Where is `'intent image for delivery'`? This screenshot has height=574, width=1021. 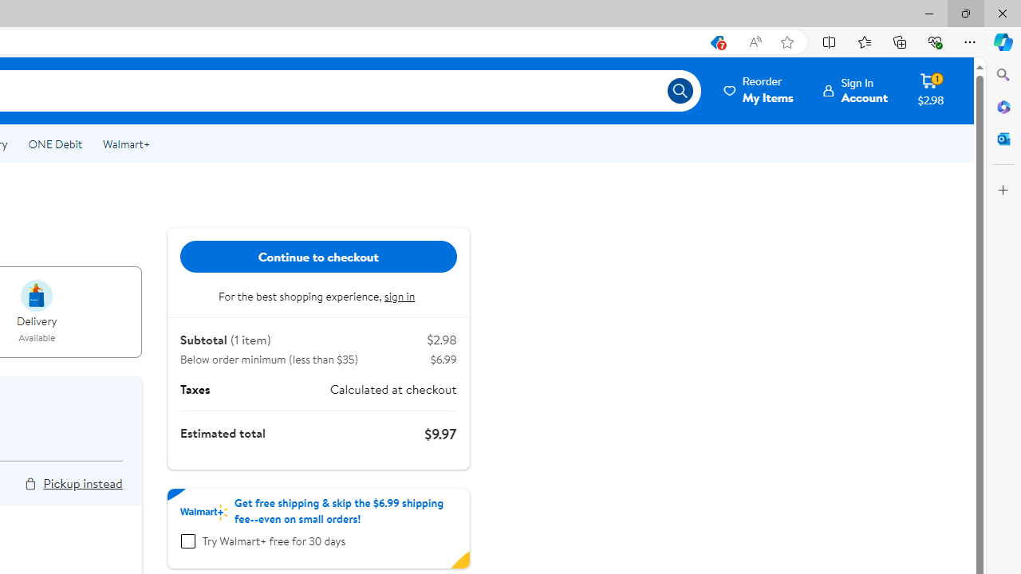
'intent image for delivery' is located at coordinates (37, 296).